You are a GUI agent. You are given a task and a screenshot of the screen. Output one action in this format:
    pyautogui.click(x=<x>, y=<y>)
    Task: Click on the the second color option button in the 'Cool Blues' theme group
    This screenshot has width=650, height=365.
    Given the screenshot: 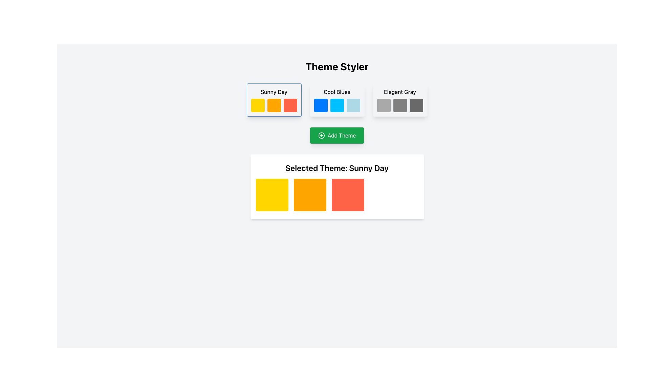 What is the action you would take?
    pyautogui.click(x=337, y=100)
    